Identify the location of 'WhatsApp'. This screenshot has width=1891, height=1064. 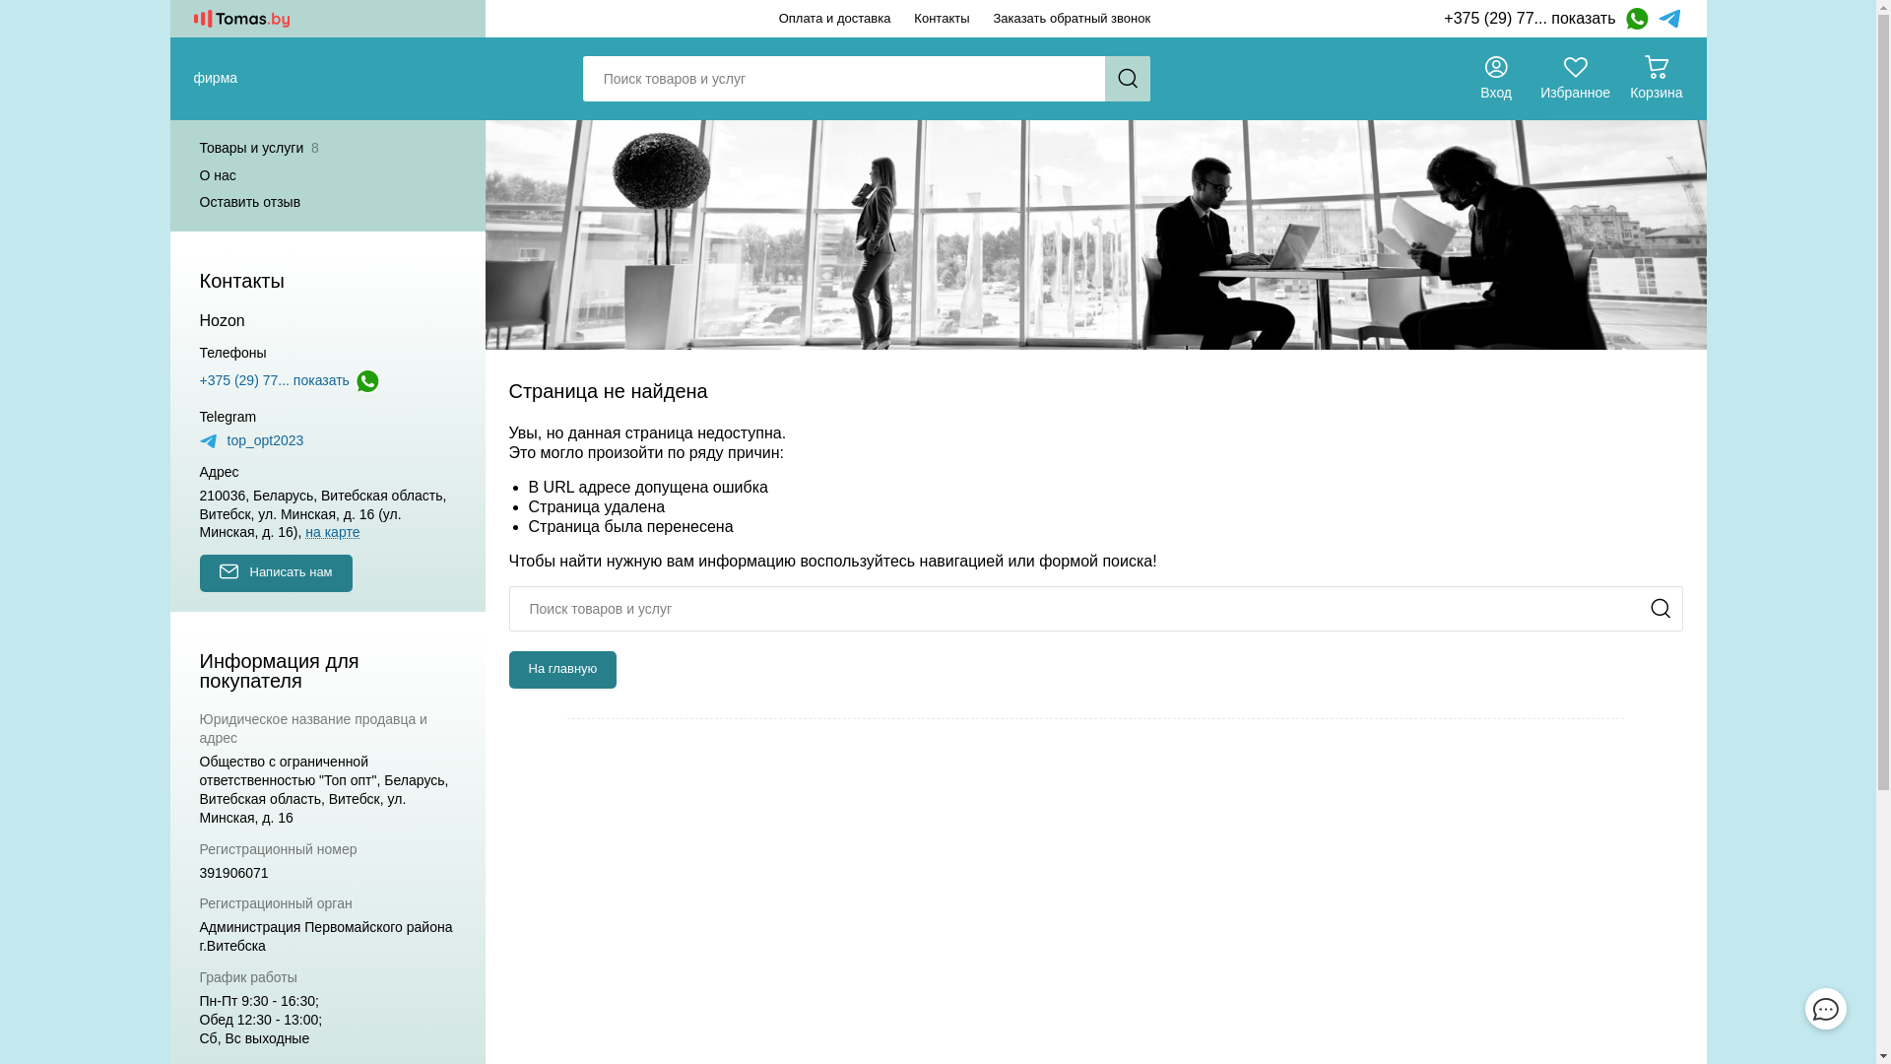
(1636, 19).